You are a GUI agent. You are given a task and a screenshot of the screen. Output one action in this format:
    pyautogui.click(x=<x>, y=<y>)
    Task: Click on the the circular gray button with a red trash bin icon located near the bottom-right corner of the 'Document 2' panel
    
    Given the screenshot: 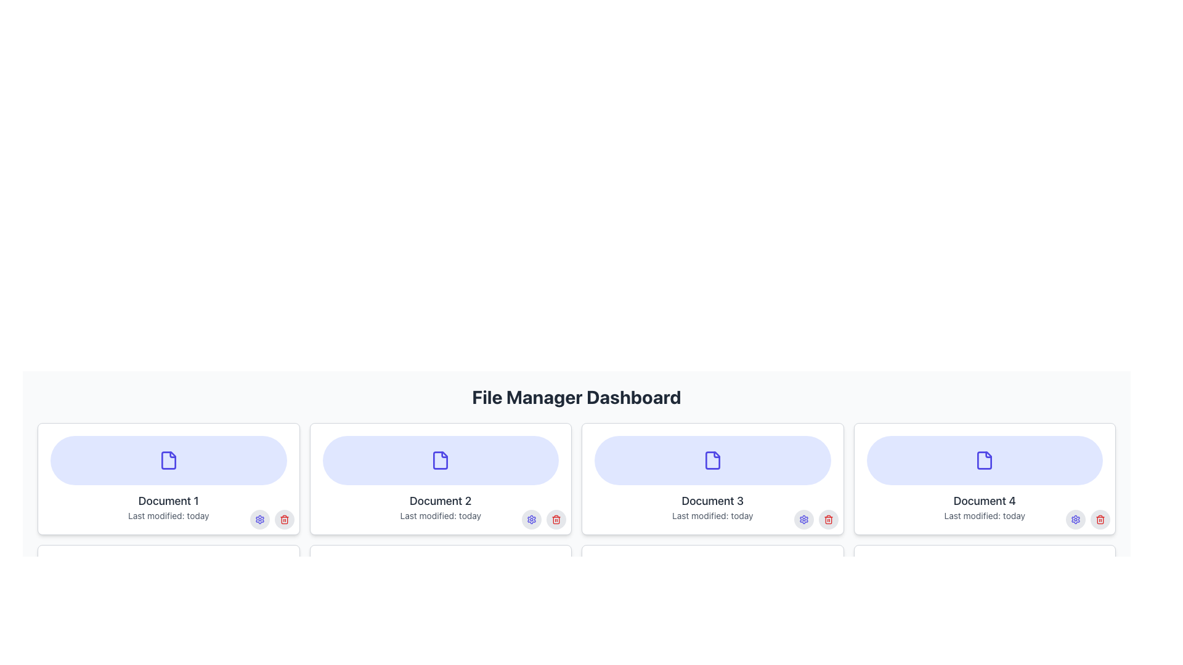 What is the action you would take?
    pyautogui.click(x=555, y=520)
    